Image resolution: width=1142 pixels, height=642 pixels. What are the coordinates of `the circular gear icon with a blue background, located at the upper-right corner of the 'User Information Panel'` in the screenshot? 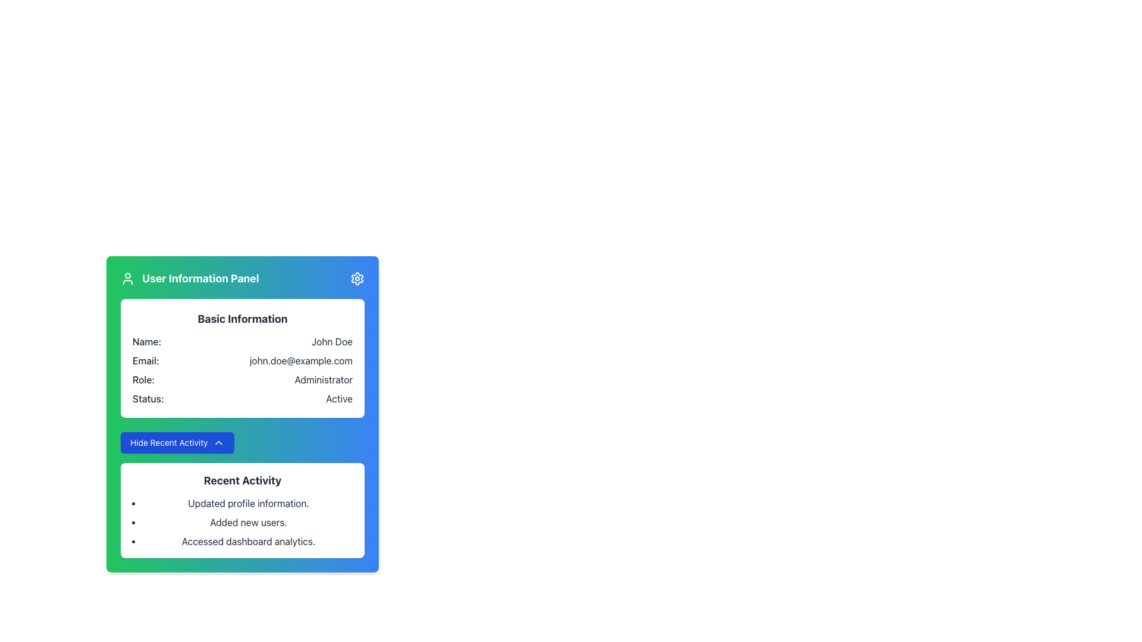 It's located at (356, 279).